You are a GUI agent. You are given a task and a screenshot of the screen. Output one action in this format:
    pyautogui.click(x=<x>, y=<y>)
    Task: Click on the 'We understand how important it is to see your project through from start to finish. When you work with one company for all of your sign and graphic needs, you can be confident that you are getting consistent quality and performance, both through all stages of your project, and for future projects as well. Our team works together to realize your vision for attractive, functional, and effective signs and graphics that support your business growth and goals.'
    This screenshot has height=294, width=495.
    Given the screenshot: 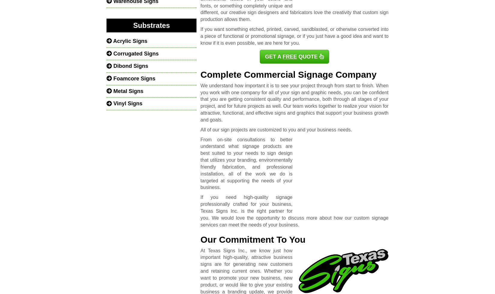 What is the action you would take?
    pyautogui.click(x=294, y=102)
    